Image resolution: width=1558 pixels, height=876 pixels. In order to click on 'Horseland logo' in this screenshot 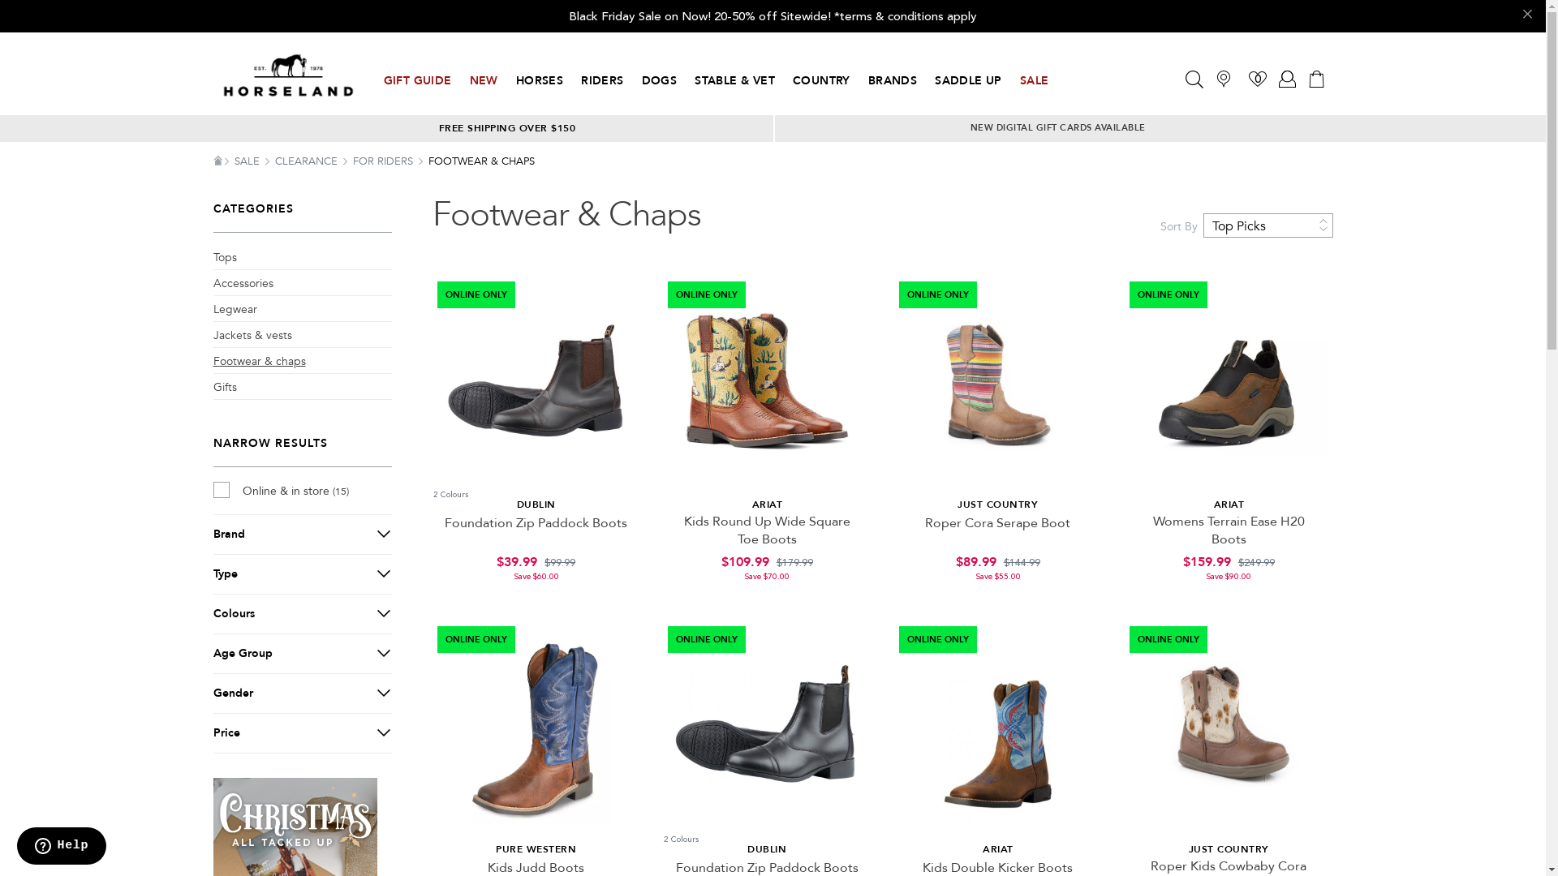, I will do `click(287, 75)`.